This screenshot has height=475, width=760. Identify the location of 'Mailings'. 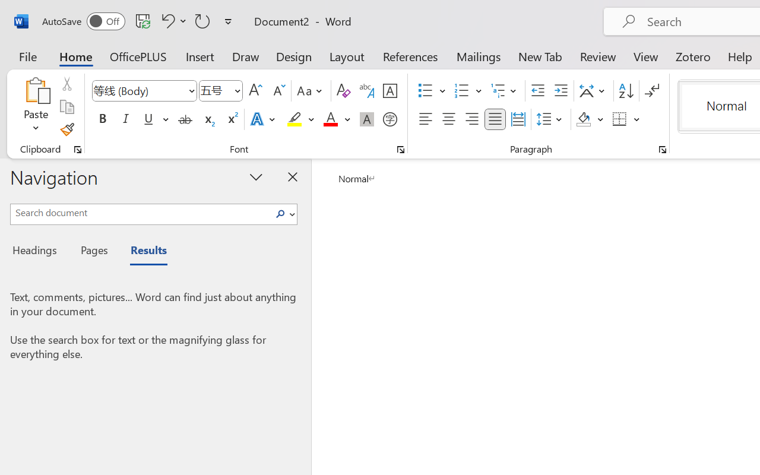
(479, 56).